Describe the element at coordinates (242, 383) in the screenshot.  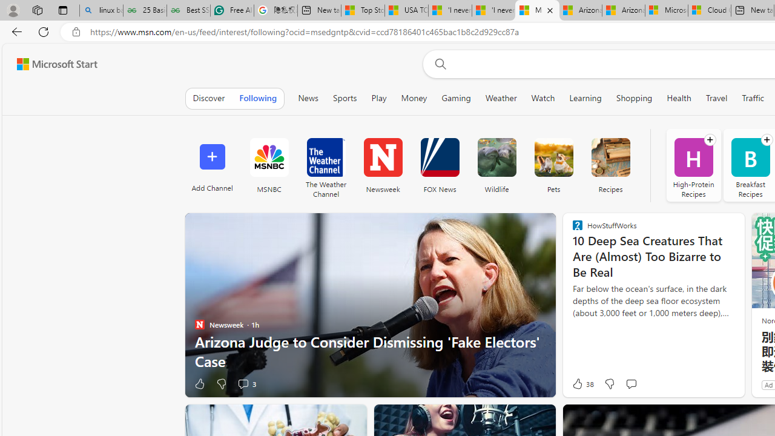
I see `'View comments 3 Comment'` at that location.